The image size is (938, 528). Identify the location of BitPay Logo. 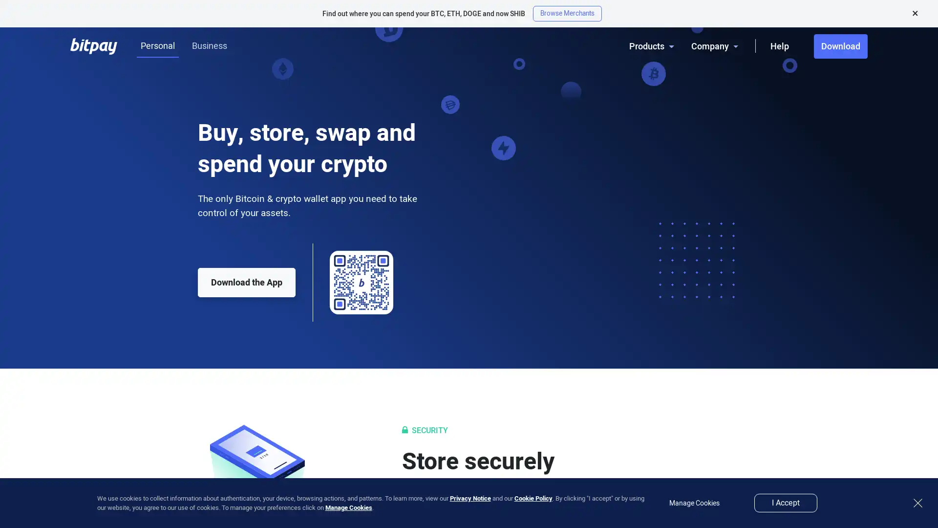
(94, 46).